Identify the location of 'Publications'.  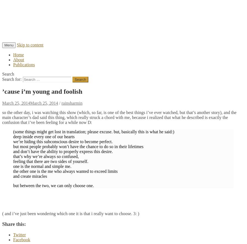
(24, 64).